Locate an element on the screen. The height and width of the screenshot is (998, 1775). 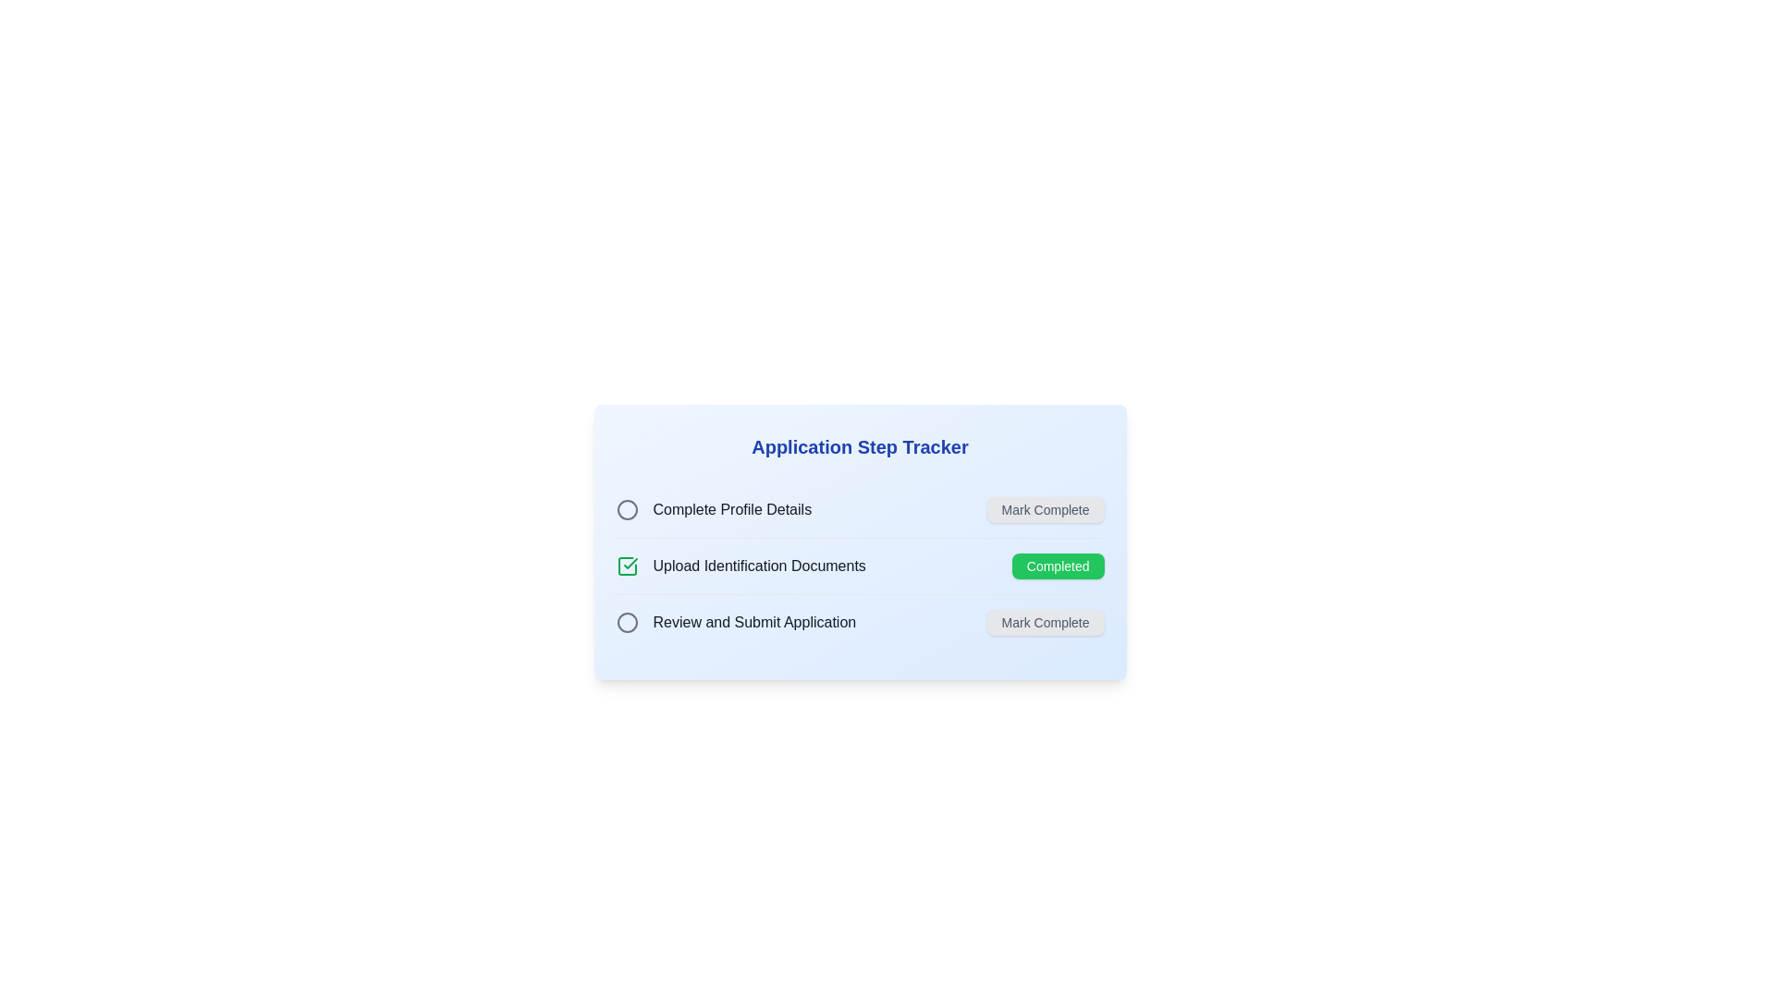
the first item in the 'Application Step Tracker' list that allows users to mark the profile completion step as complete is located at coordinates (859, 509).